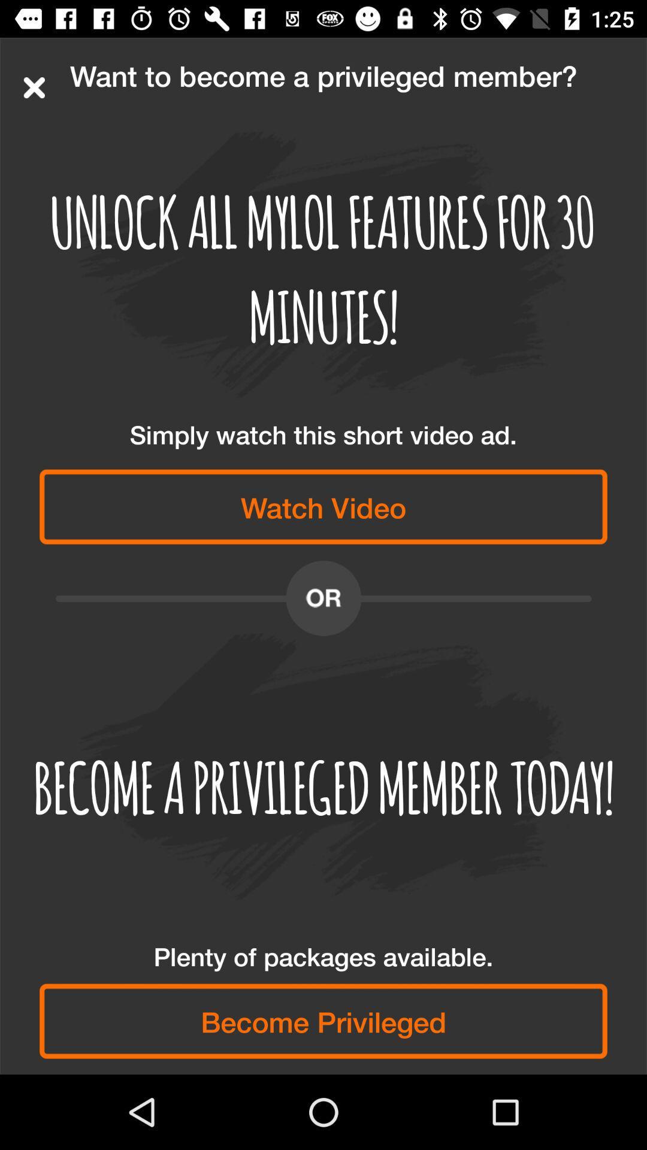  What do you see at coordinates (34, 87) in the screenshot?
I see `page` at bounding box center [34, 87].